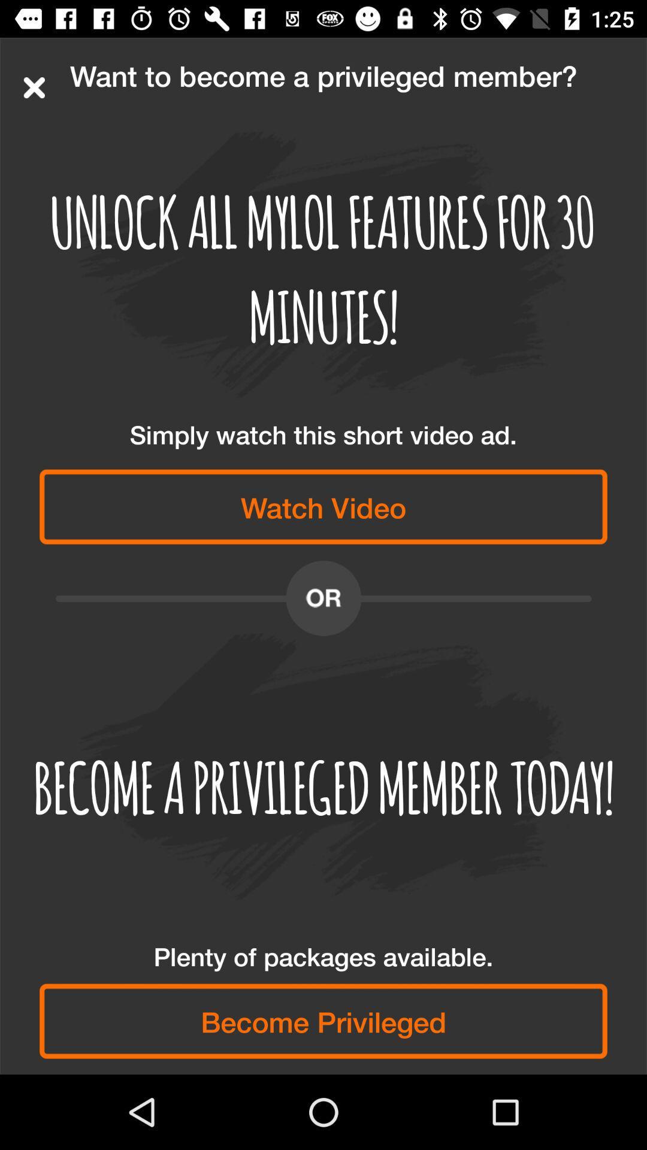  What do you see at coordinates (34, 87) in the screenshot?
I see `page` at bounding box center [34, 87].